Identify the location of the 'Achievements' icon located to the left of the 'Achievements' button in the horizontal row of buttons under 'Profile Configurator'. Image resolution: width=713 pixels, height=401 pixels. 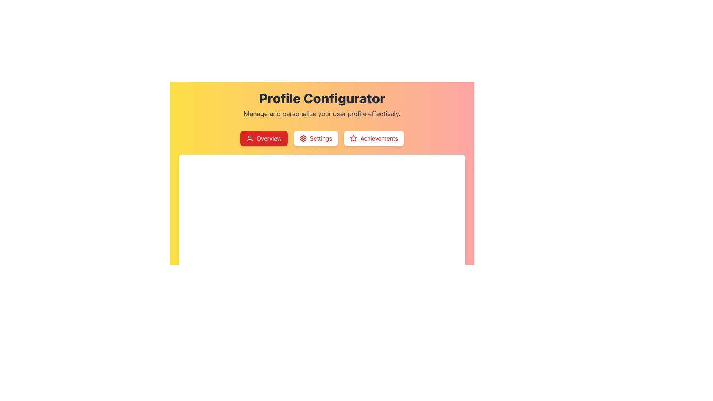
(353, 138).